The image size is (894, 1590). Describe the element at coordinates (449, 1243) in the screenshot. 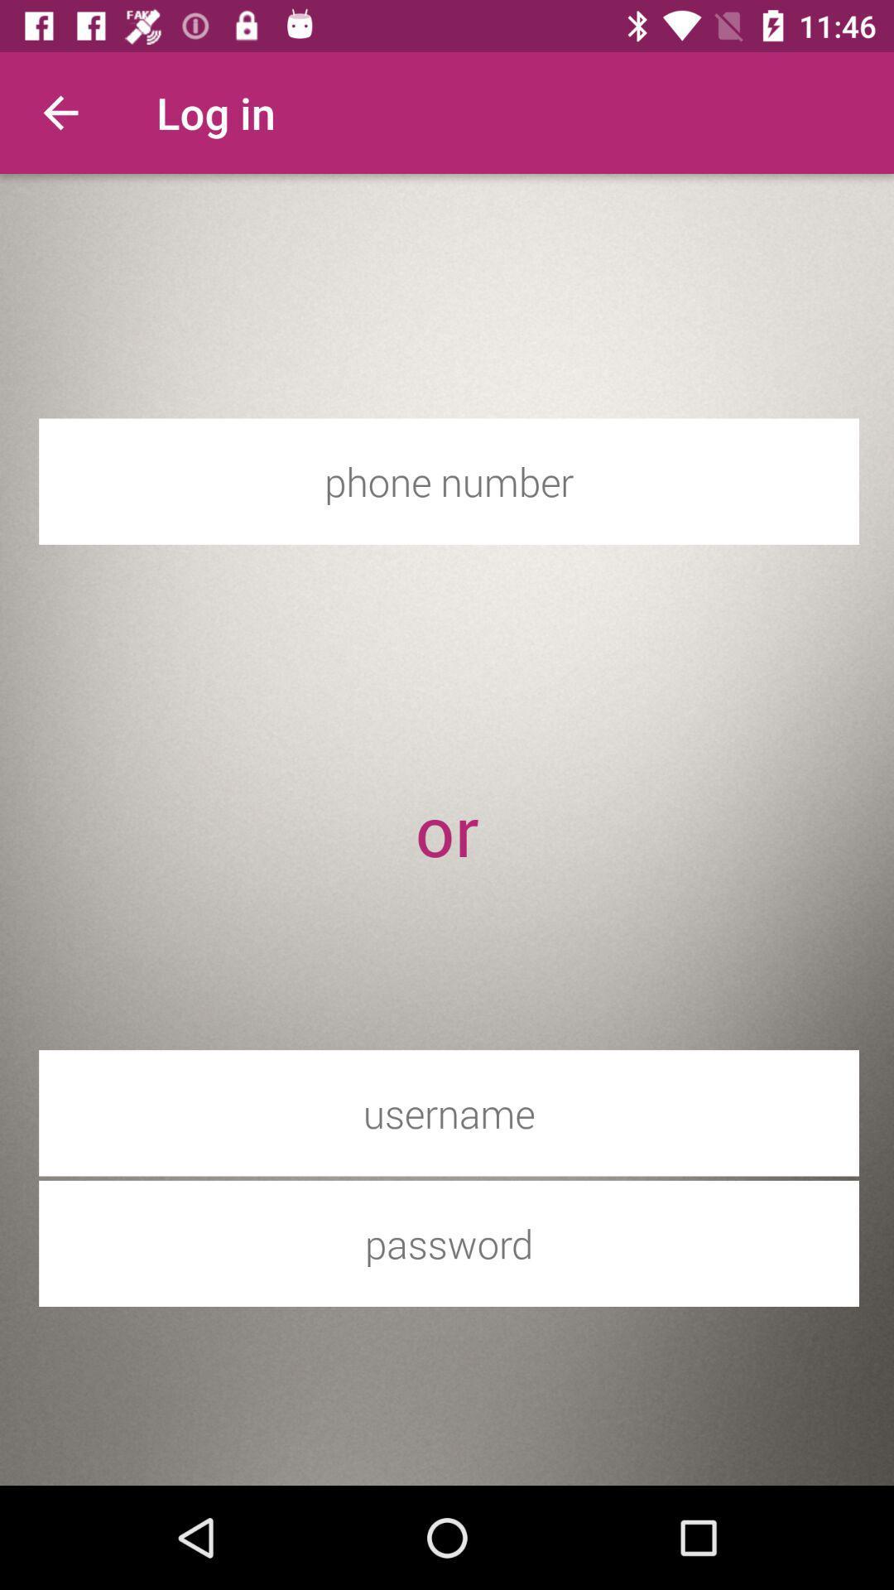

I see `password` at that location.